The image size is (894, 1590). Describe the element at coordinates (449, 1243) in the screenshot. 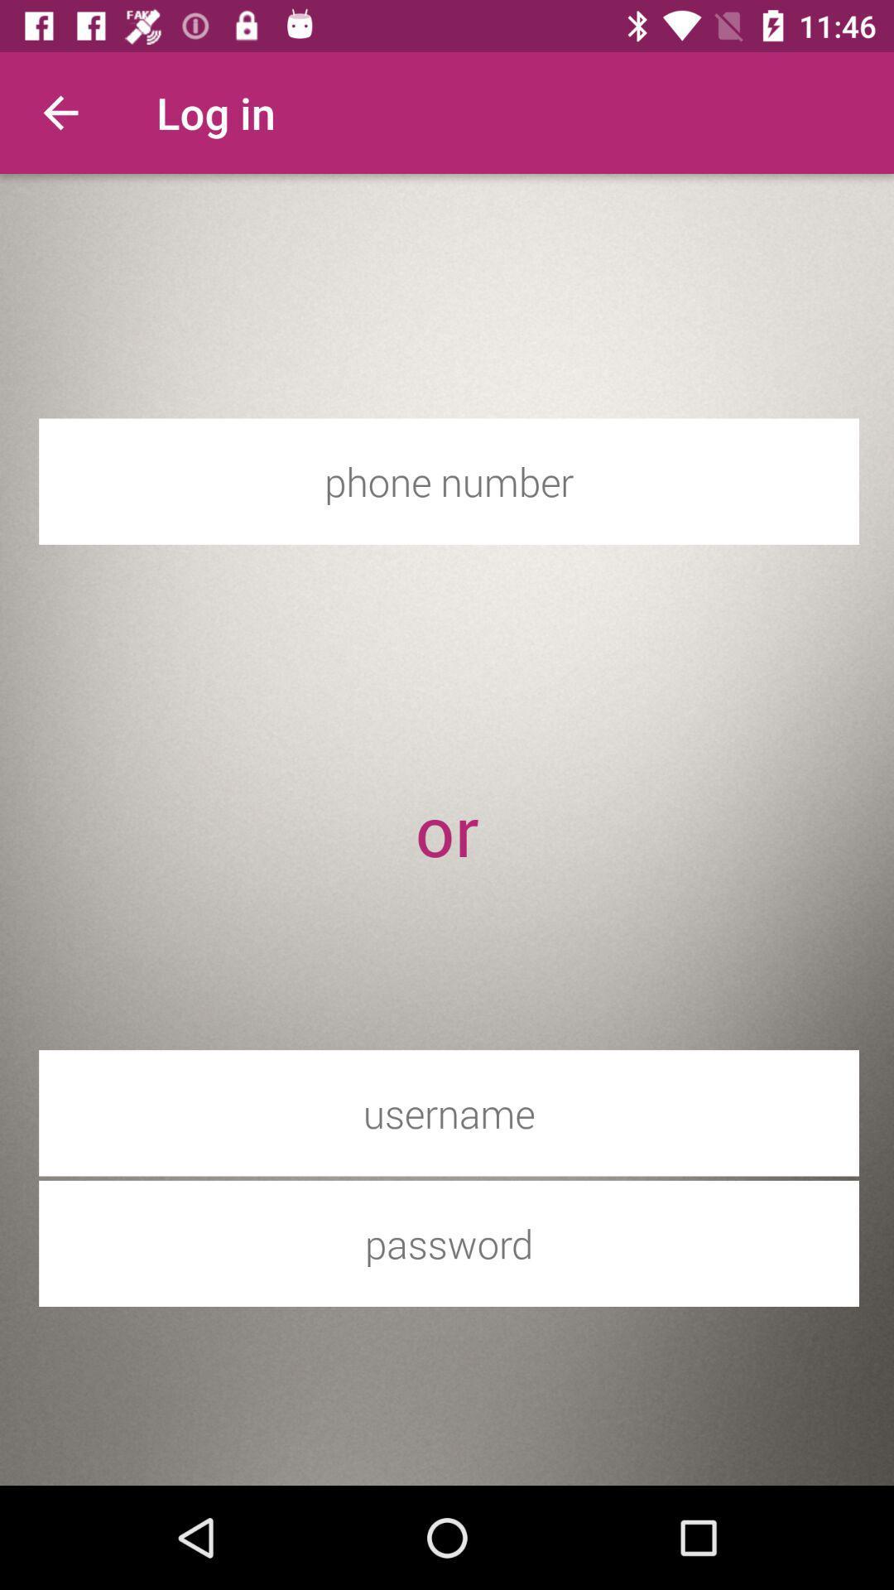

I see `password` at that location.